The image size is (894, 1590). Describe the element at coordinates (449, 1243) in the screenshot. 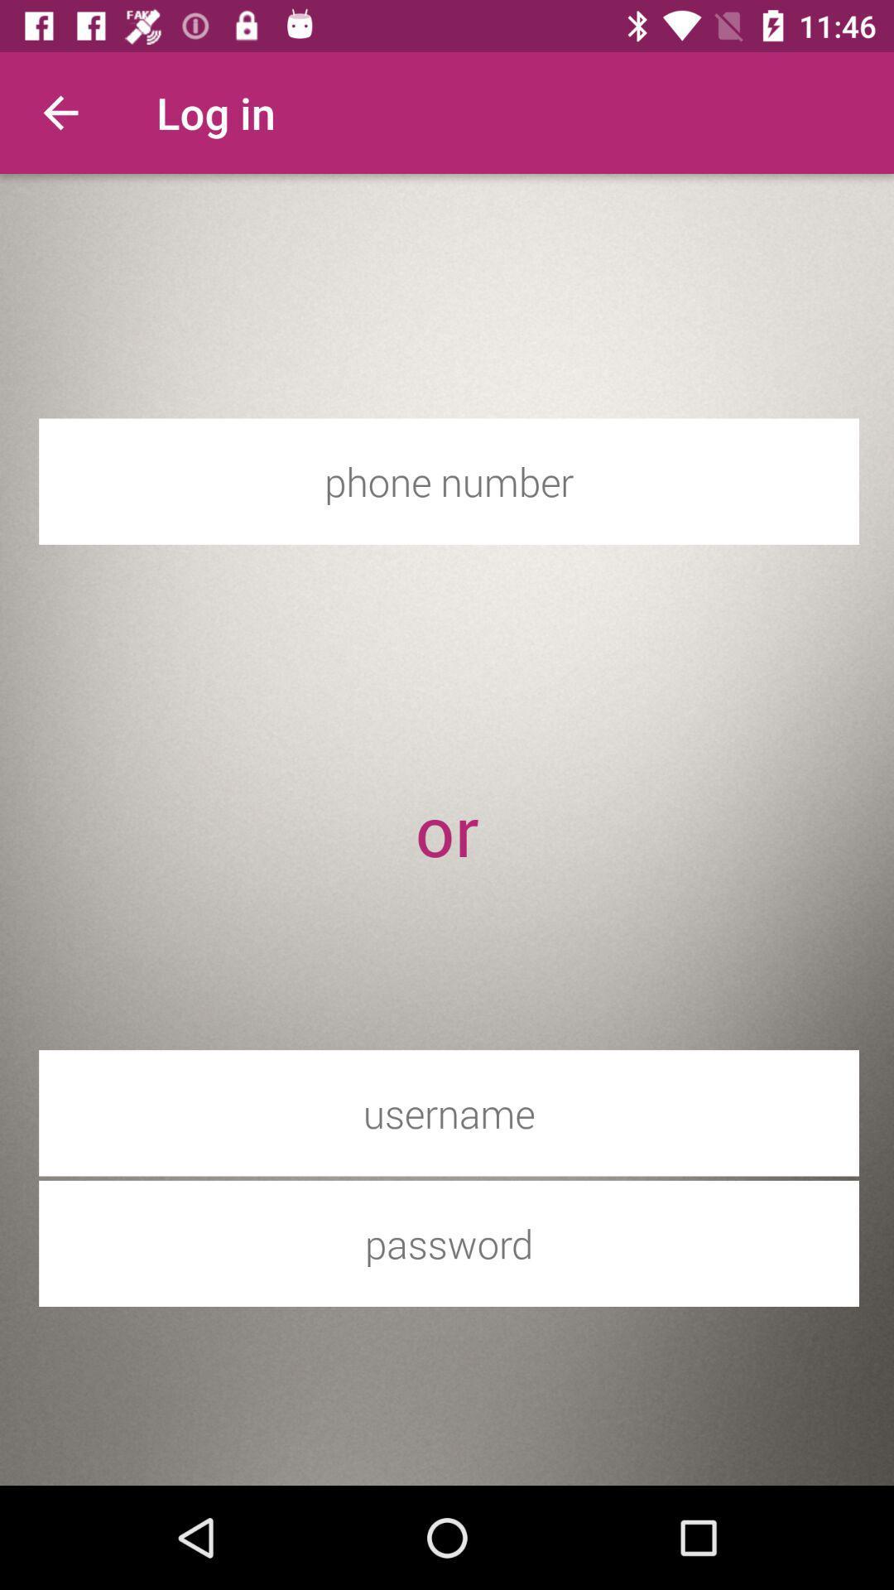

I see `password` at that location.